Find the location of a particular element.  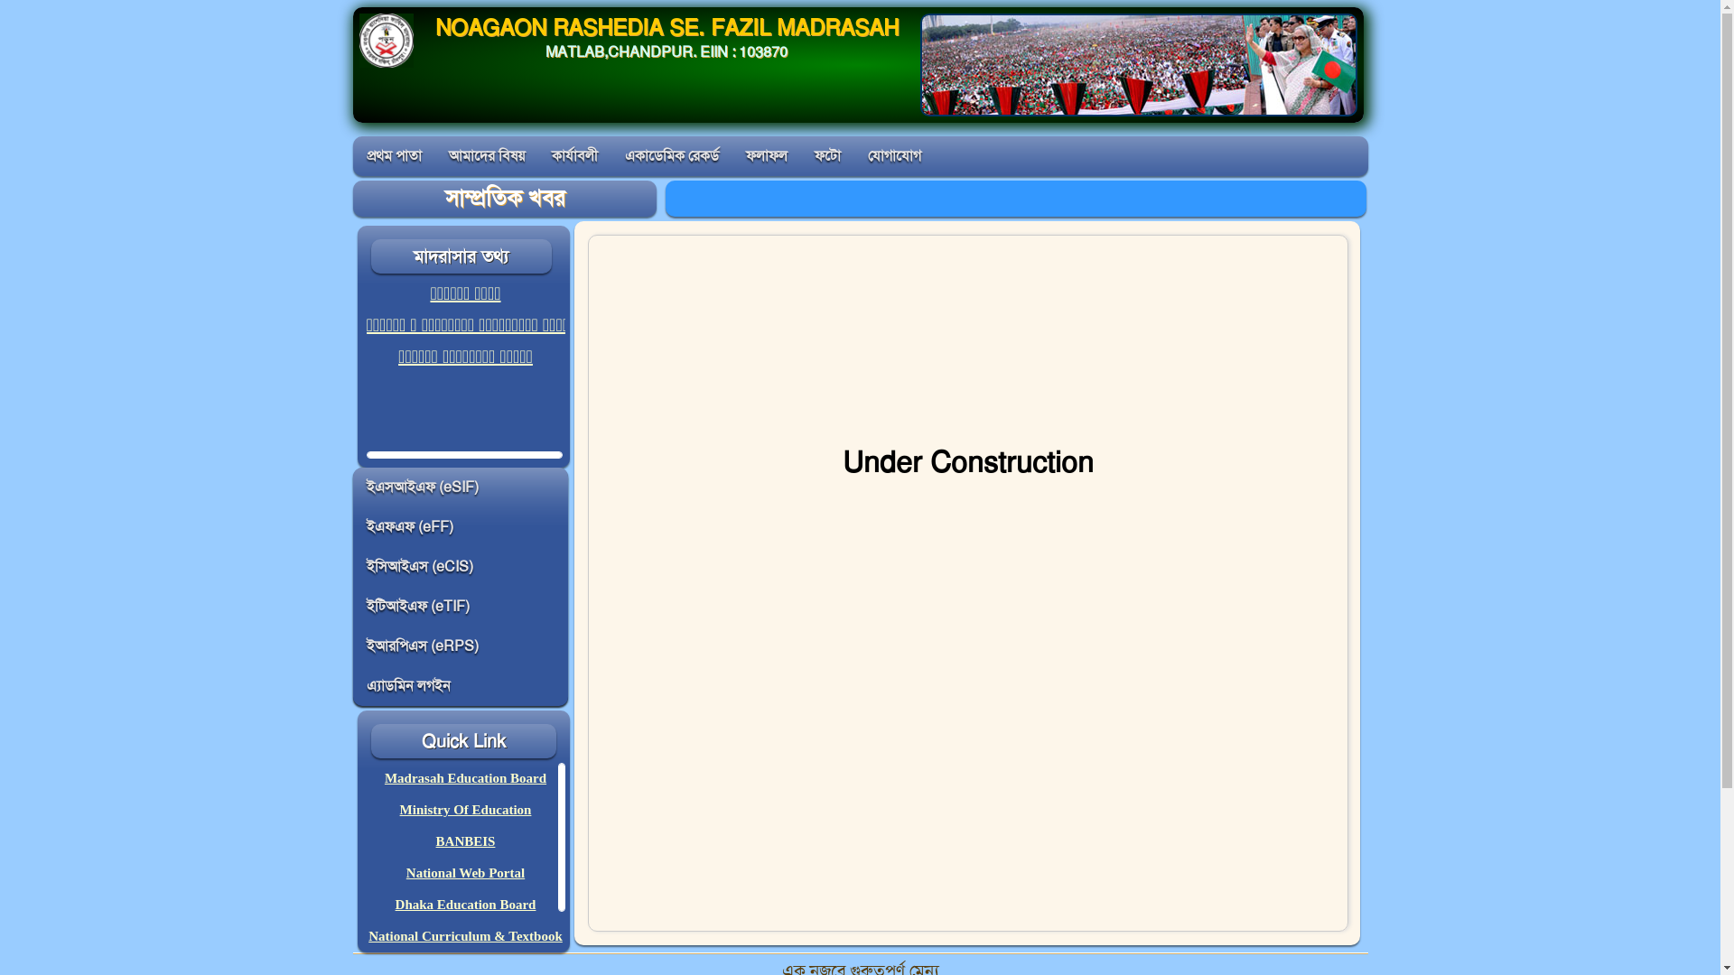

'Ministry Of Education' is located at coordinates (465, 809).